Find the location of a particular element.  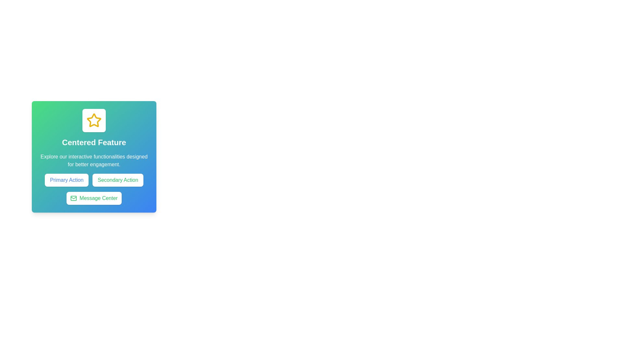

the secondary action button located to the right of the primary action button in the lower-middle section of the layout card is located at coordinates (118, 180).